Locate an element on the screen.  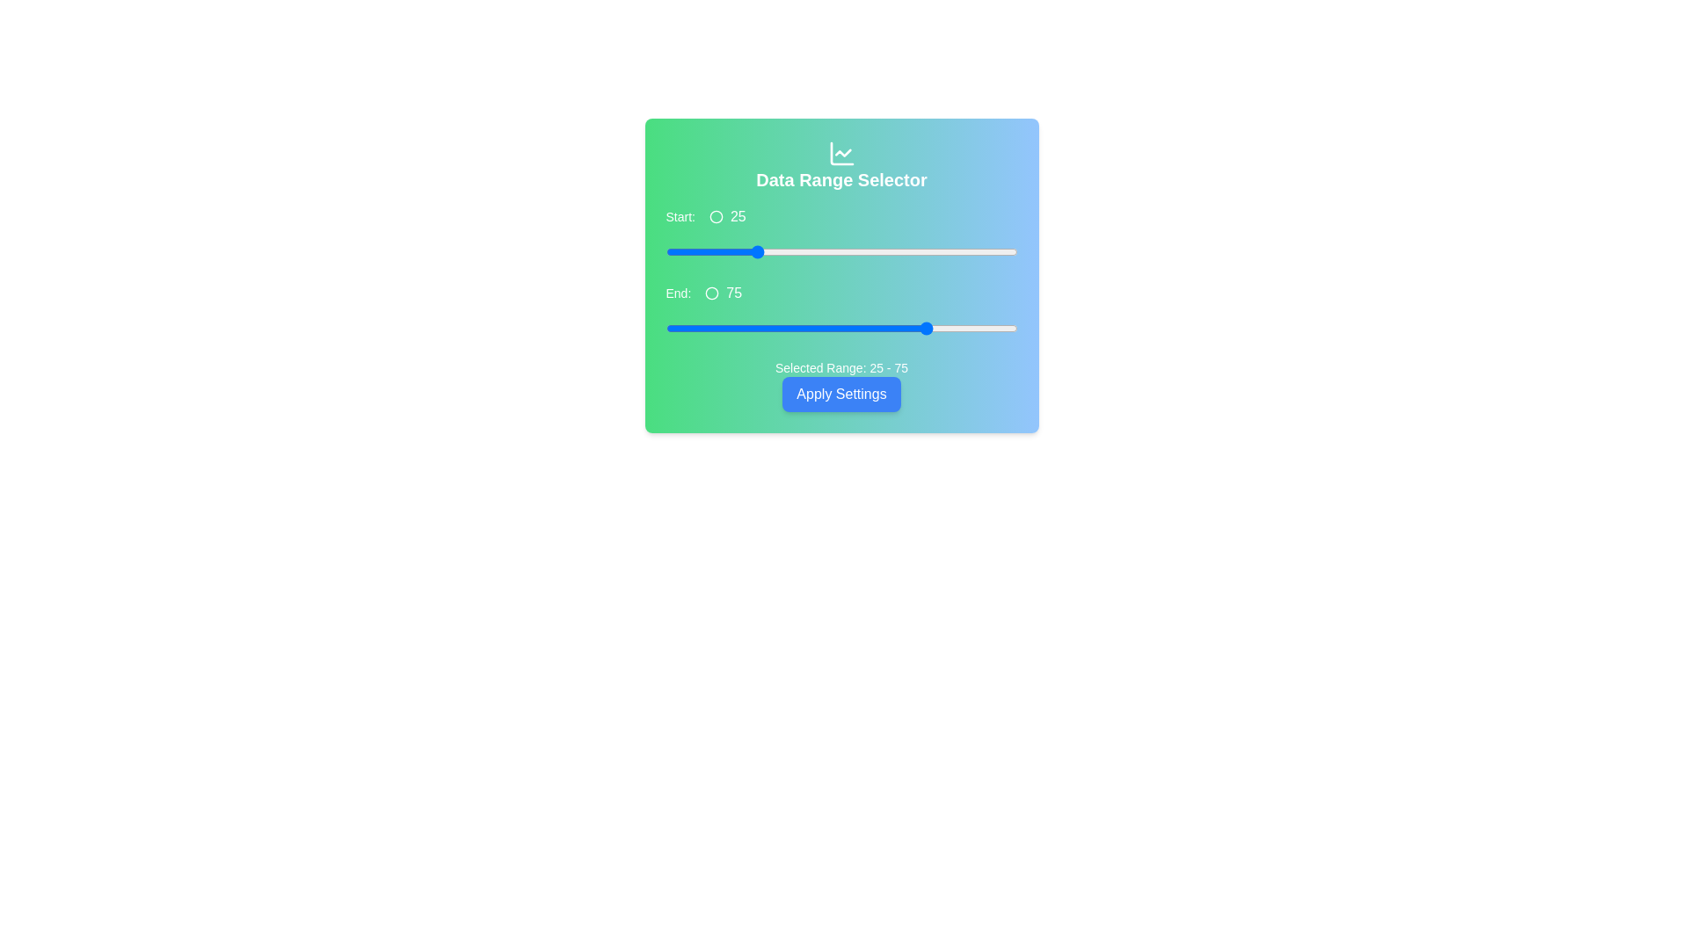
the text label that informs the user about the currently selected range values, positioned above the blue 'Apply Settings' button is located at coordinates (840, 367).